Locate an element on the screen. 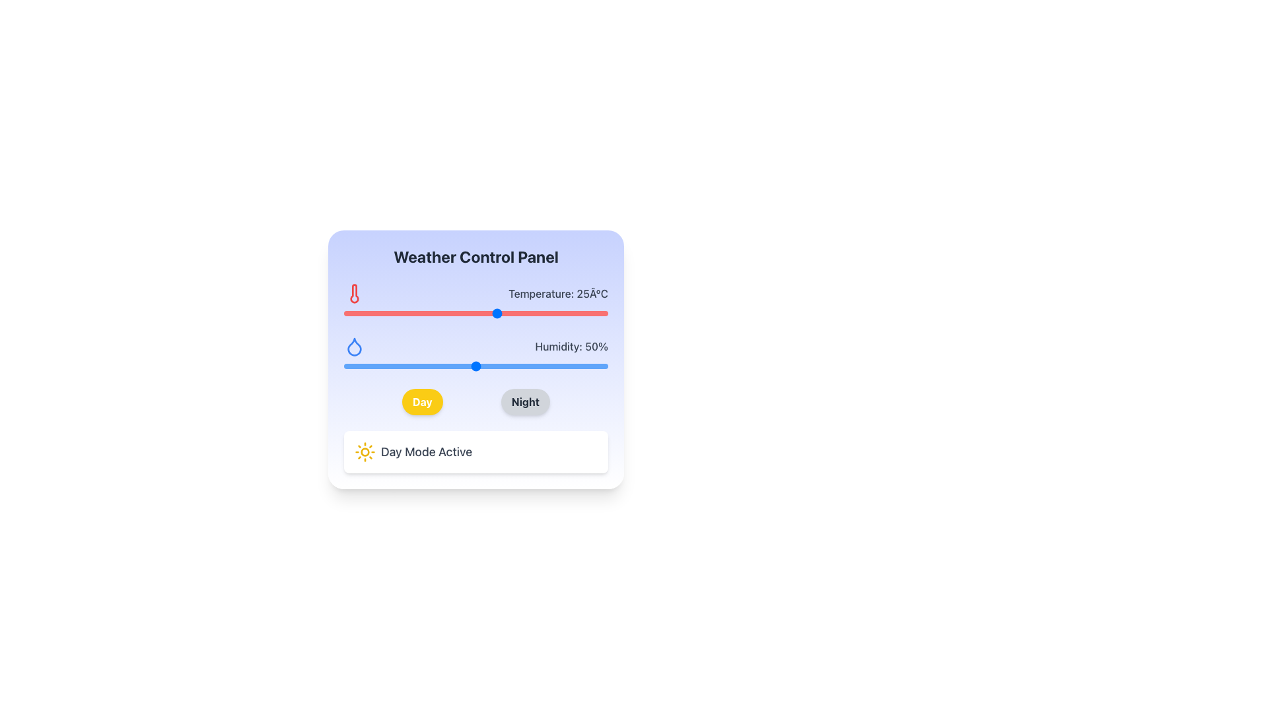  the handle of the horizontal range slider, which has a blue progress bar and reflects a value of 50%, horizontally is located at coordinates (475, 366).